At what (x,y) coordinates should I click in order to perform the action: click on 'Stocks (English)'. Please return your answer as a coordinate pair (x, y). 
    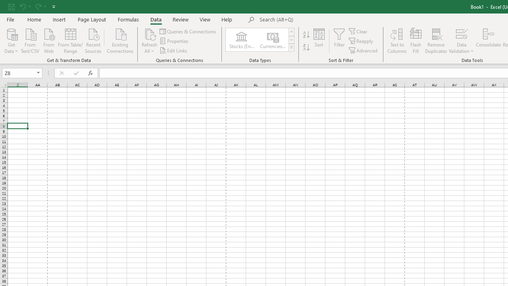
    Looking at the image, I should click on (241, 40).